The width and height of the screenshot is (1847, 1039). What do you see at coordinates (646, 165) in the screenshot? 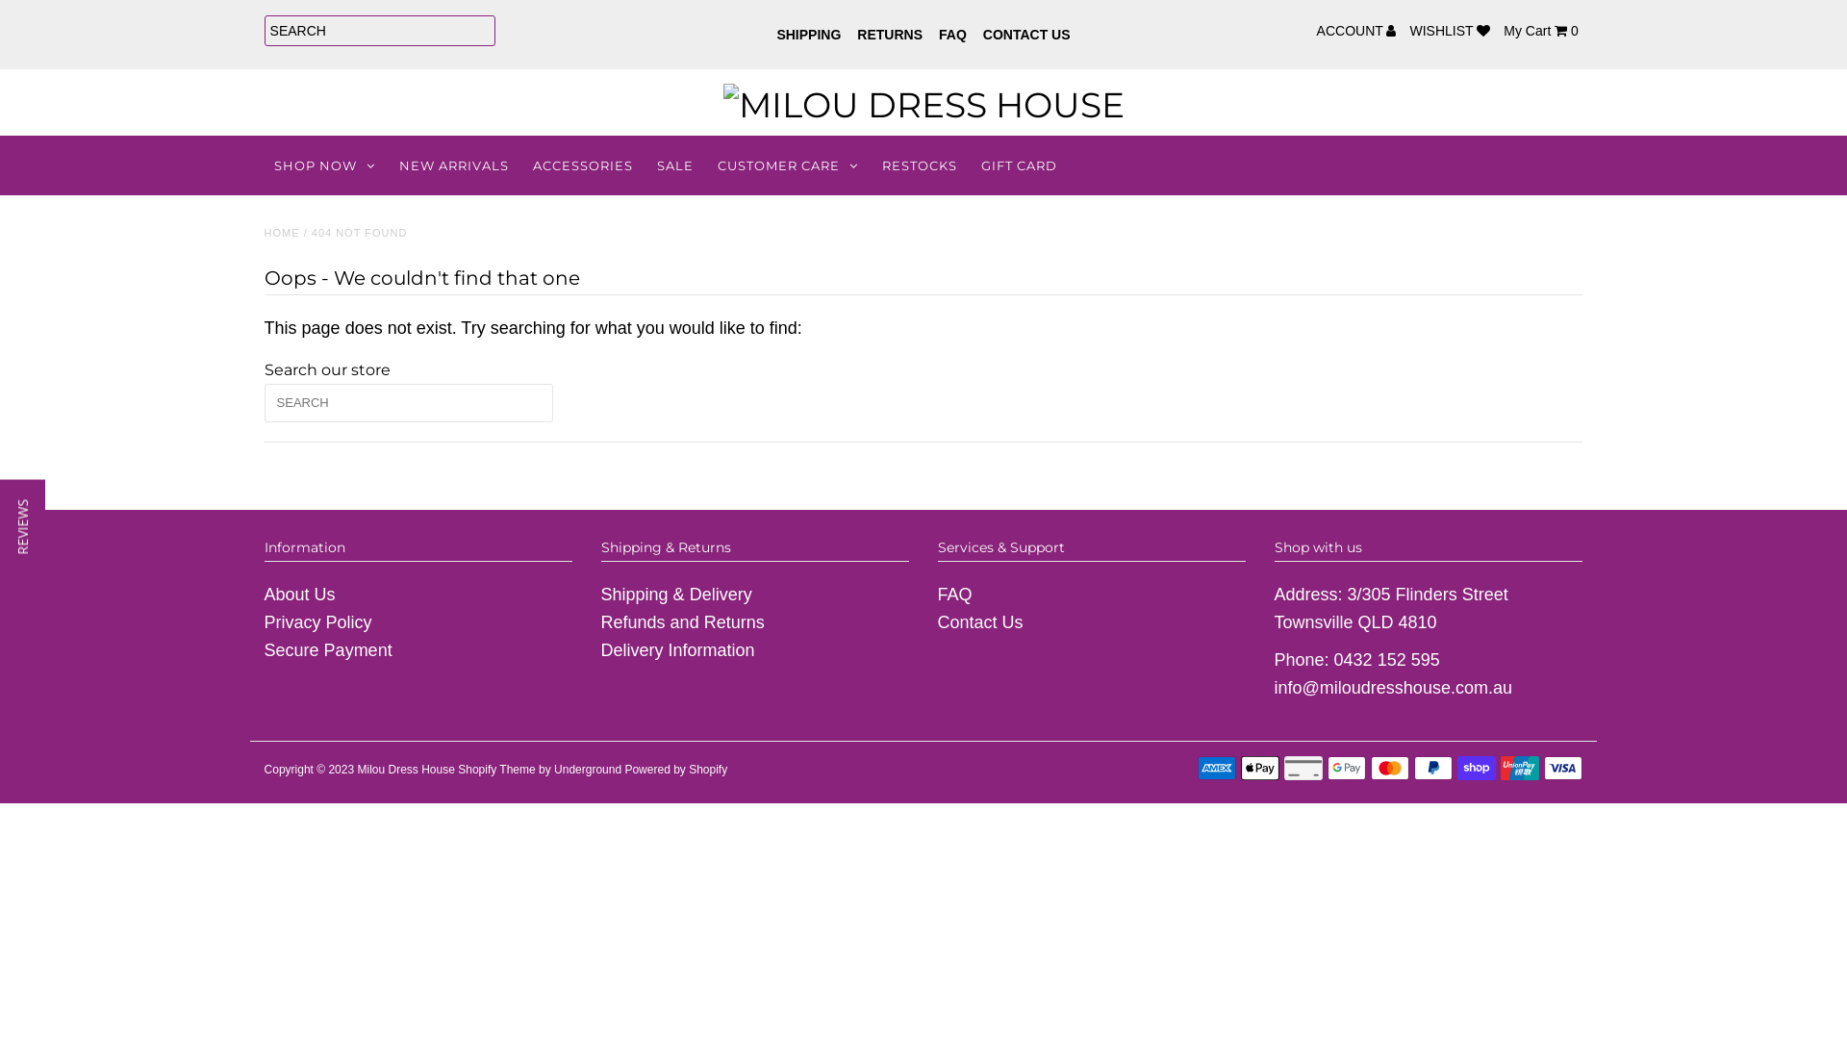
I see `'SALE'` at bounding box center [646, 165].